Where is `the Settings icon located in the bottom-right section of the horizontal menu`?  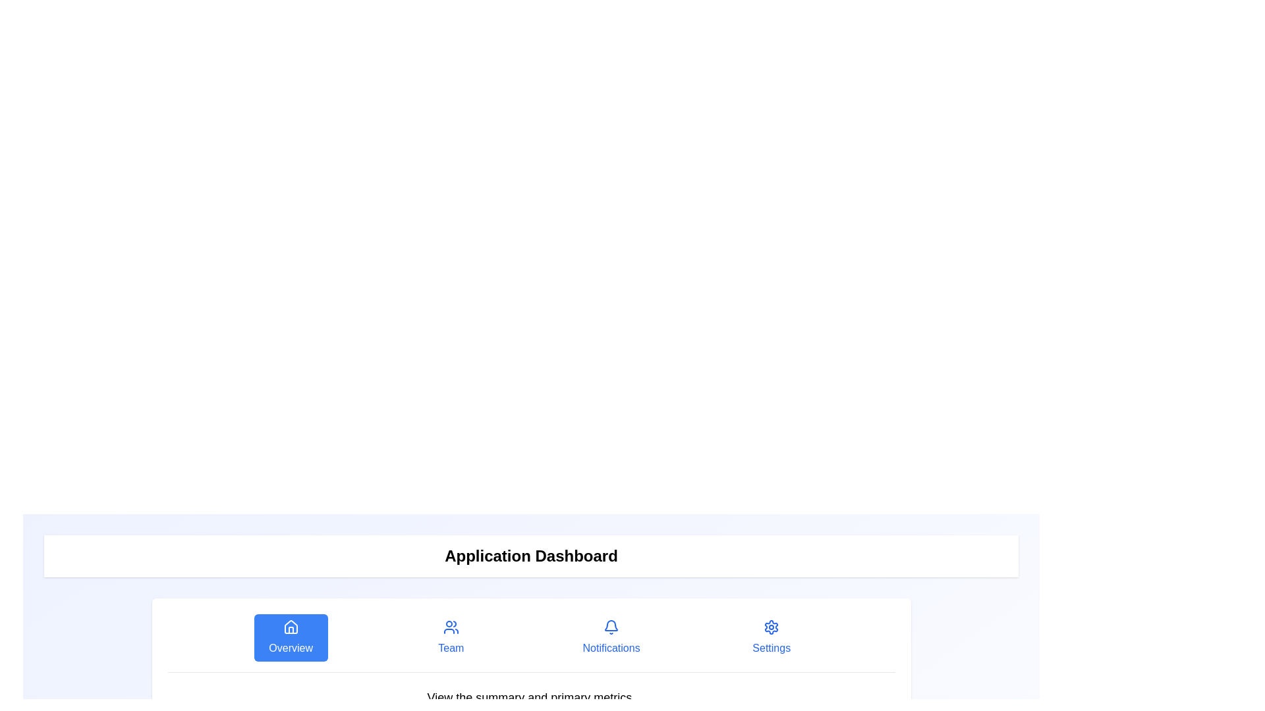 the Settings icon located in the bottom-right section of the horizontal menu is located at coordinates (772, 626).